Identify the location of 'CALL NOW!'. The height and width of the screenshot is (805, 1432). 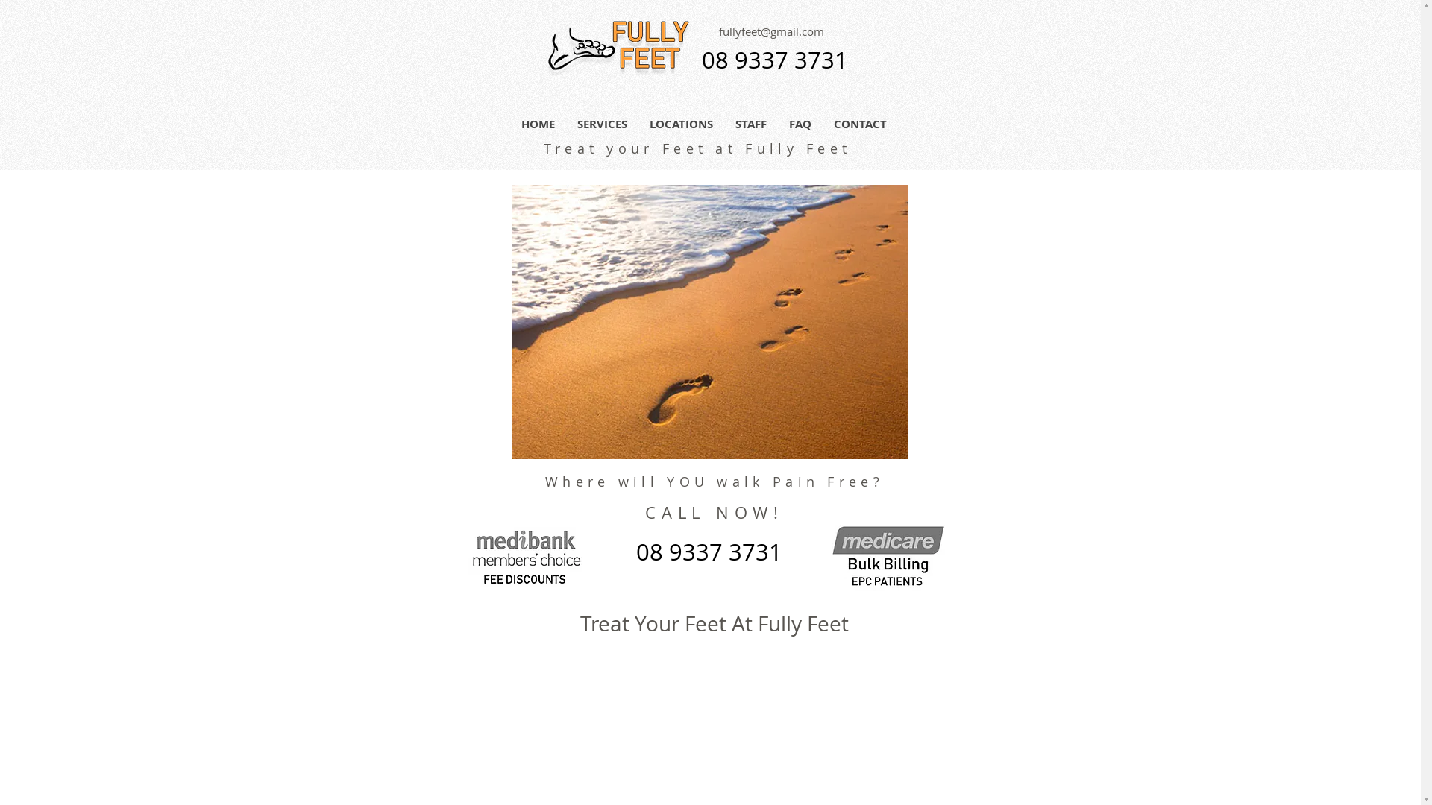
(713, 511).